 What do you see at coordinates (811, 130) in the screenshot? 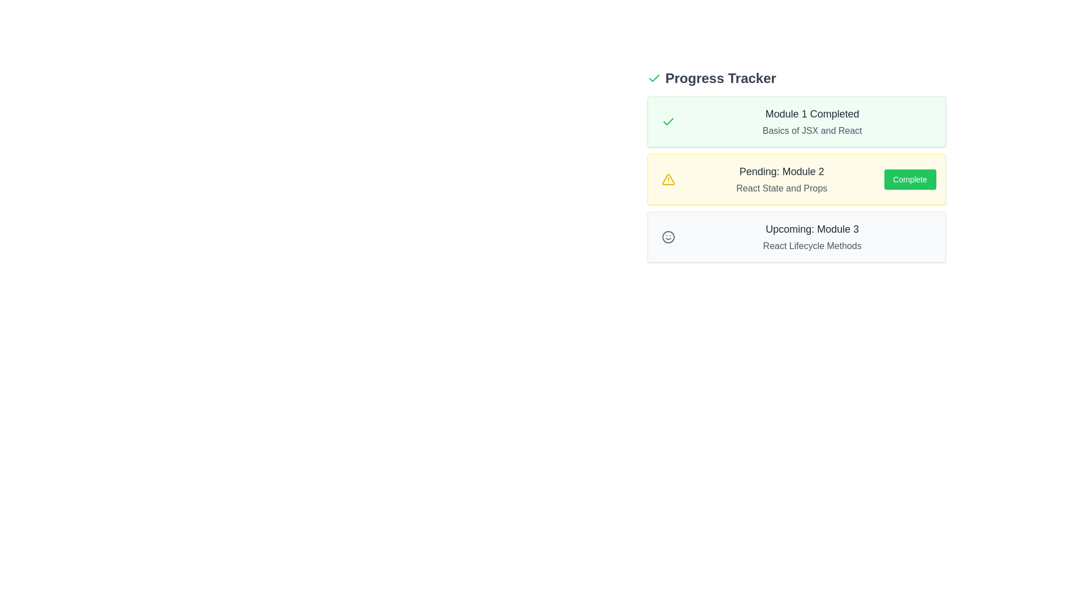
I see `text label located beneath 'Module 1 Completed' in the green-highlighted box indicating a completed step in the progress tracker` at bounding box center [811, 130].